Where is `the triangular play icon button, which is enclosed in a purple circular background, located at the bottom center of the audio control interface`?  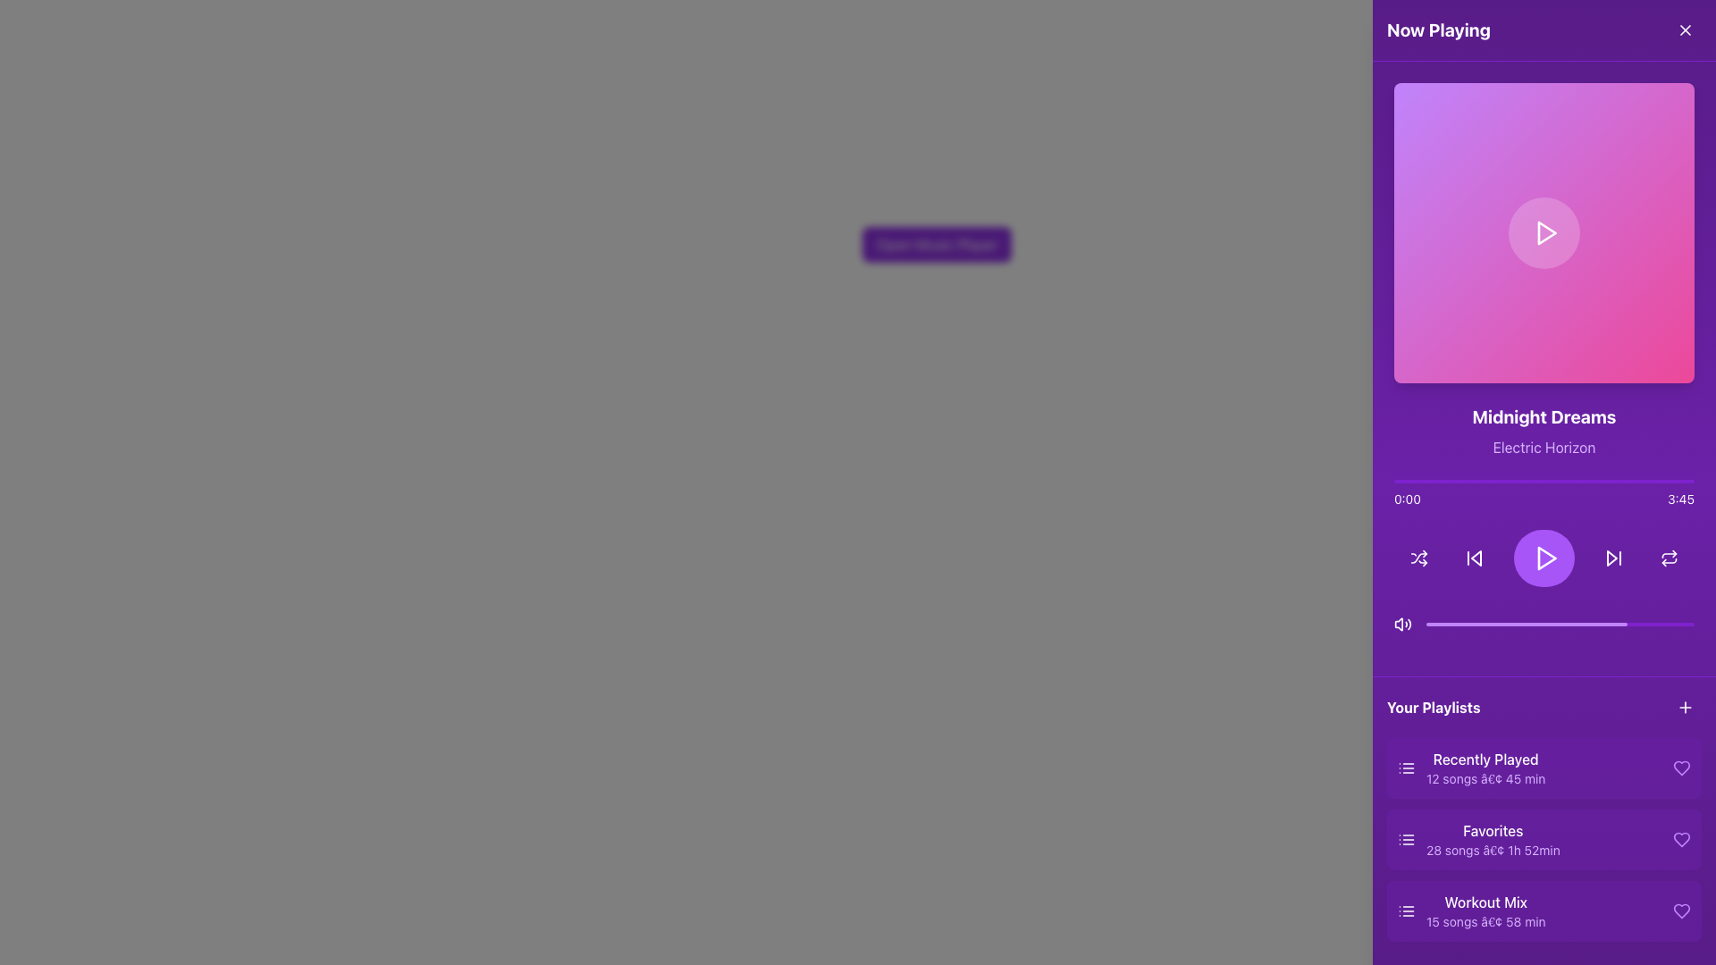
the triangular play icon button, which is enclosed in a purple circular background, located at the bottom center of the audio control interface is located at coordinates (1544, 557).